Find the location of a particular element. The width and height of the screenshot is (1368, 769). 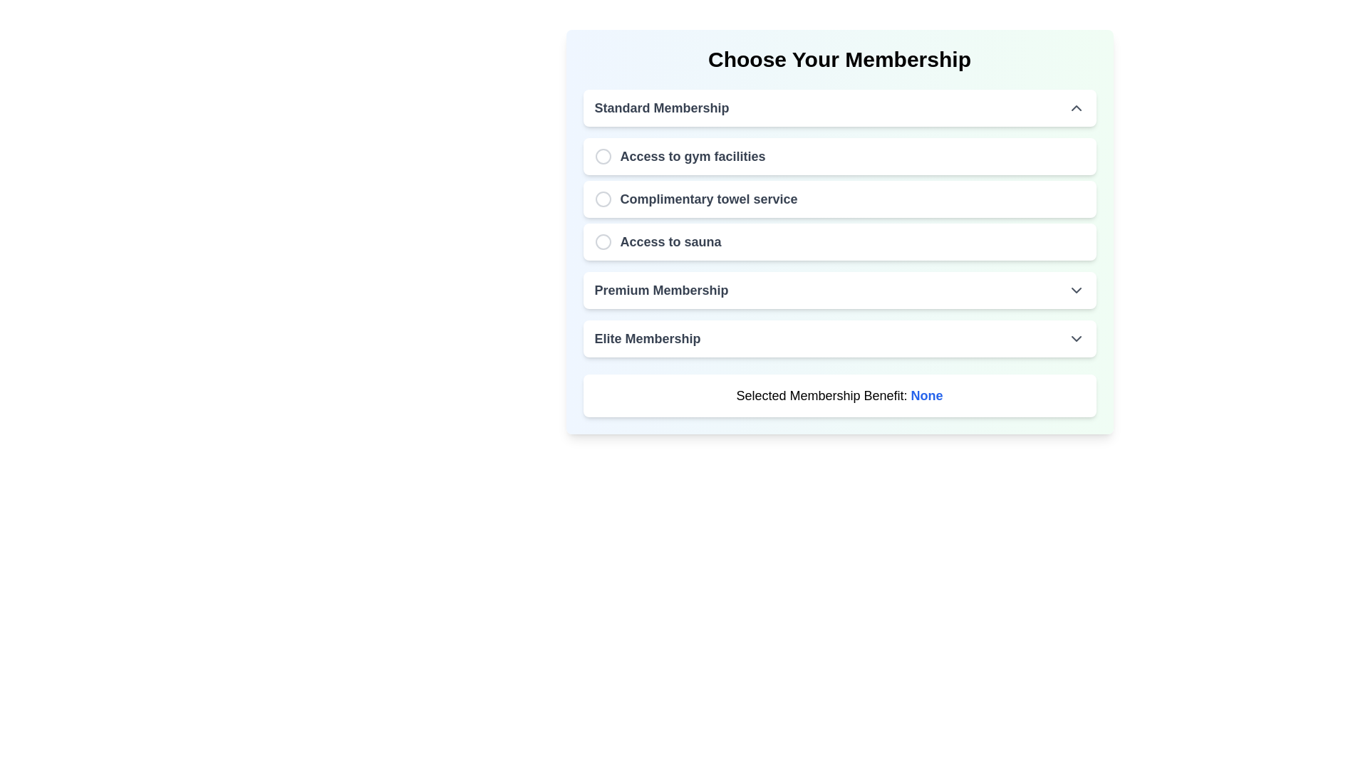

the chevron icon indicating expandable functionality located to the right of the 'Elite Membership' text is located at coordinates (1076, 338).